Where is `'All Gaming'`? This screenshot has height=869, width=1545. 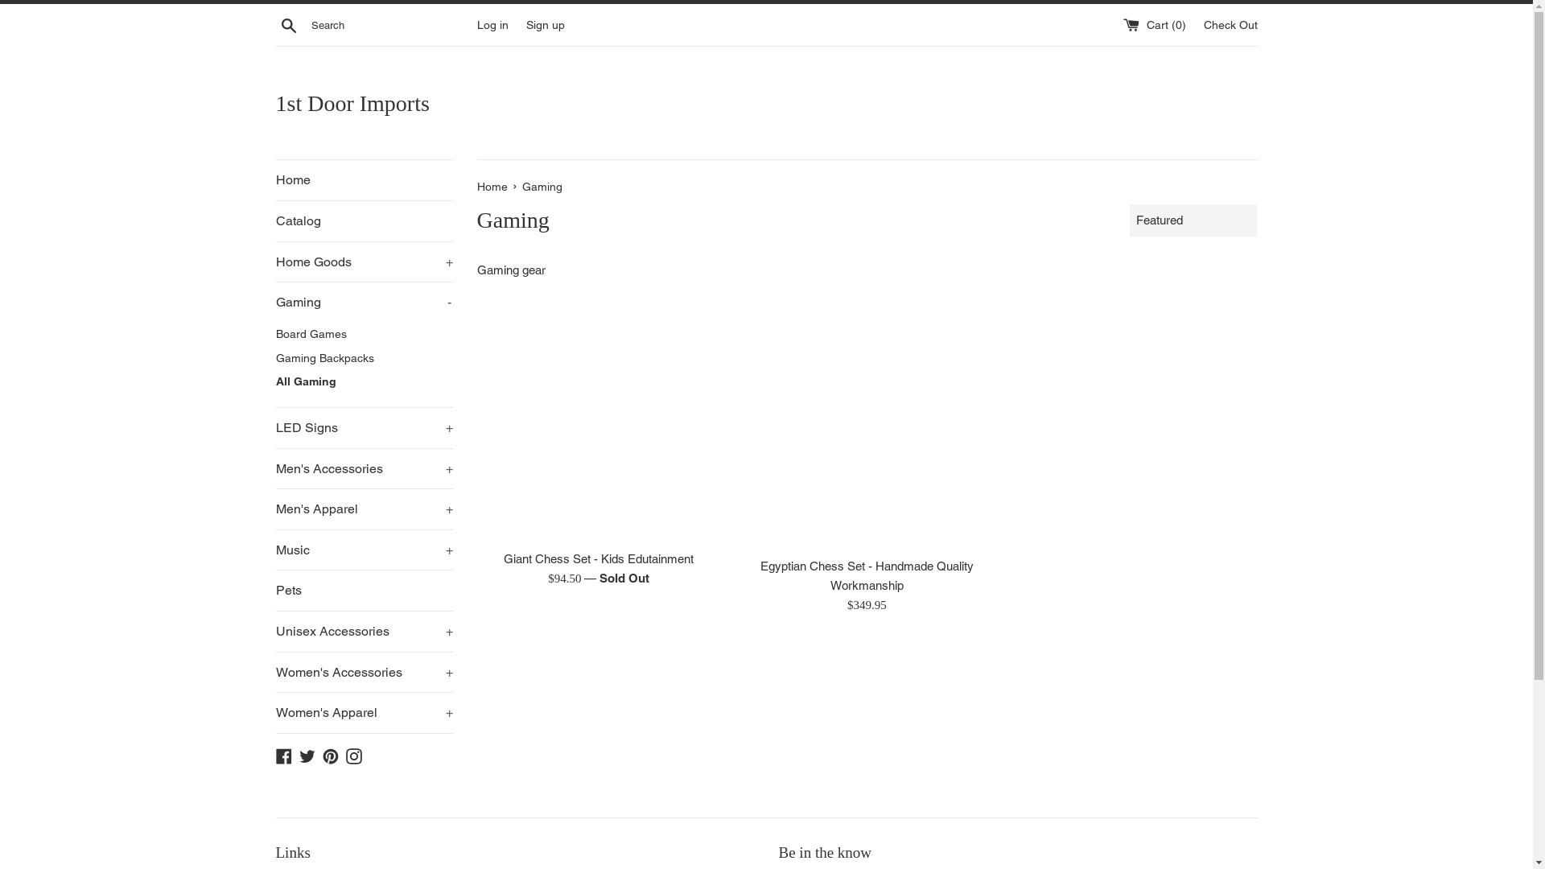
'All Gaming' is located at coordinates (362, 381).